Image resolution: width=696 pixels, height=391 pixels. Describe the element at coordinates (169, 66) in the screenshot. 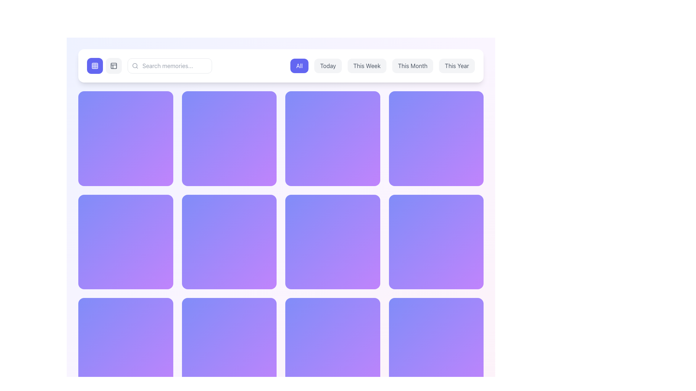

I see `the search input field with placeholder text 'Search memories...' to focus the input field` at that location.